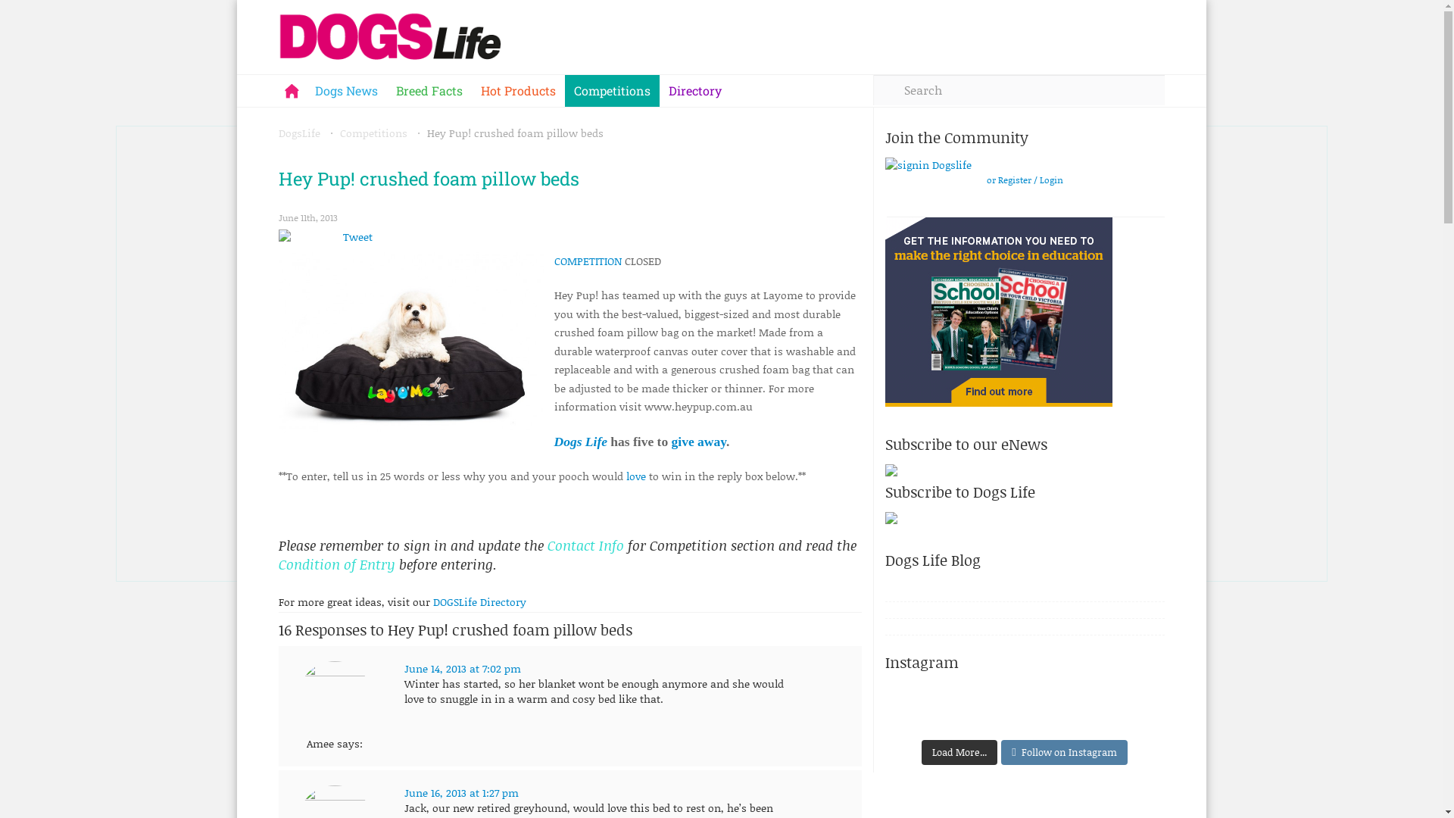  I want to click on 'COMPETITION', so click(587, 260).